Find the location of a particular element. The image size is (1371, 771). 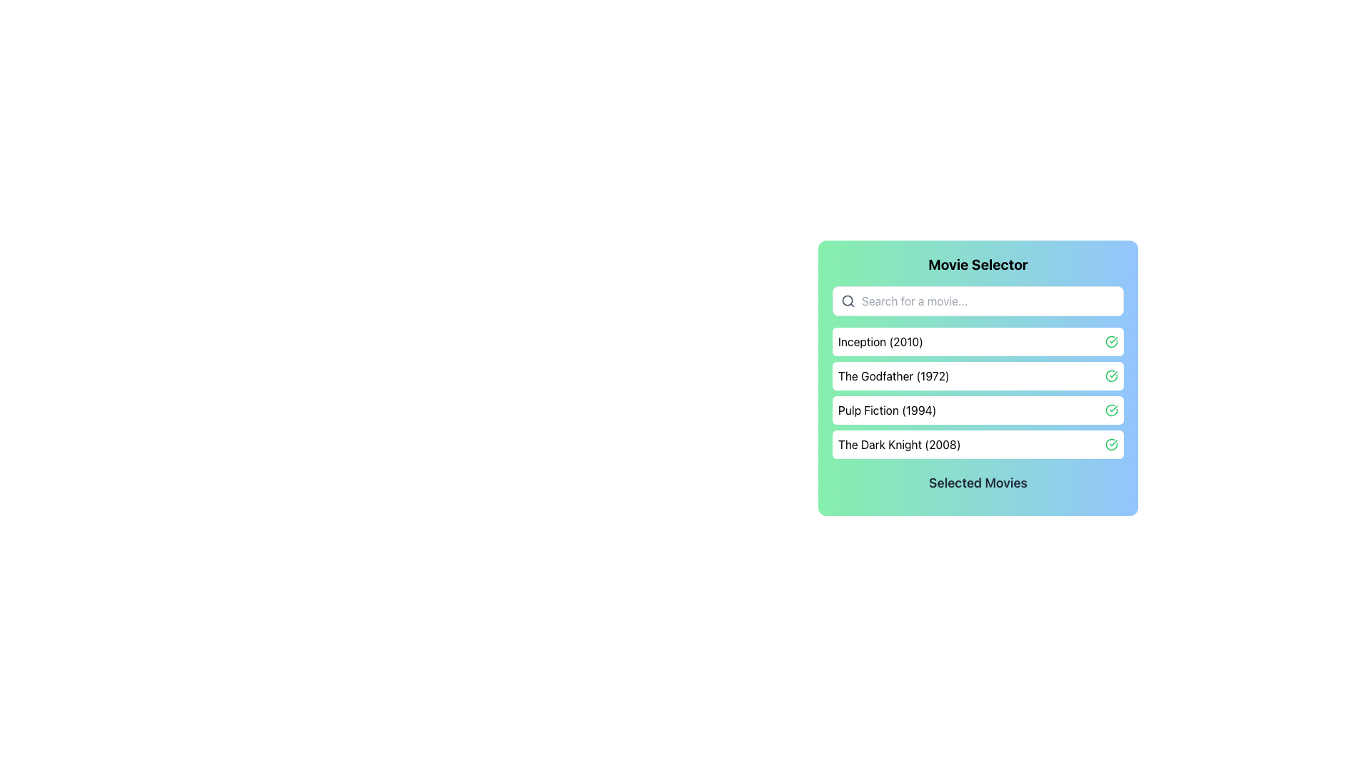

the filled circular shape at the center of the magnifying glass icon in the search input field of the 'Movie Selector' interface is located at coordinates (848, 300).